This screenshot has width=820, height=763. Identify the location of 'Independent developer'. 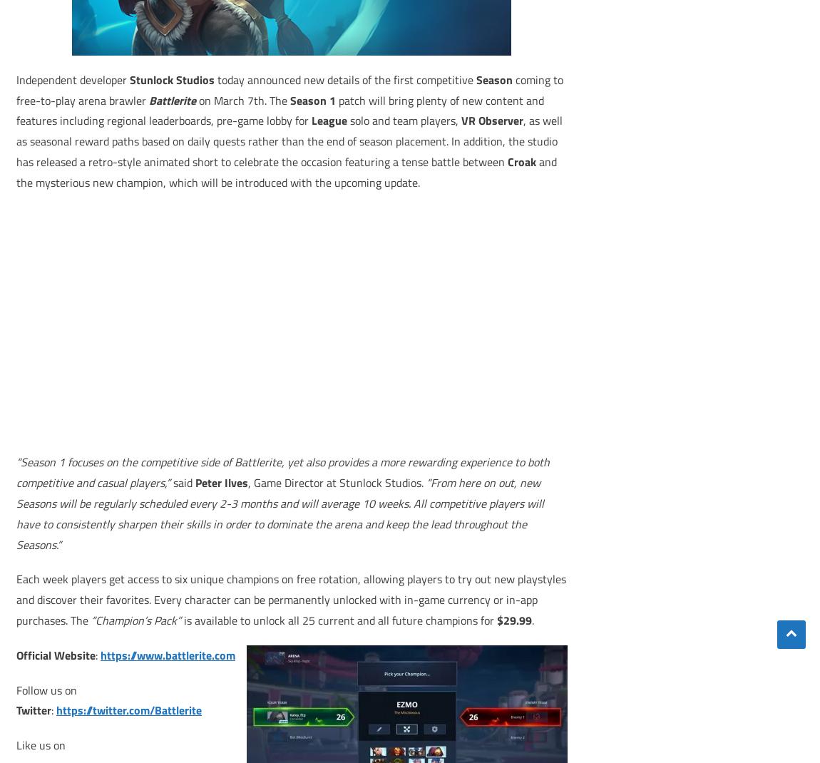
(72, 78).